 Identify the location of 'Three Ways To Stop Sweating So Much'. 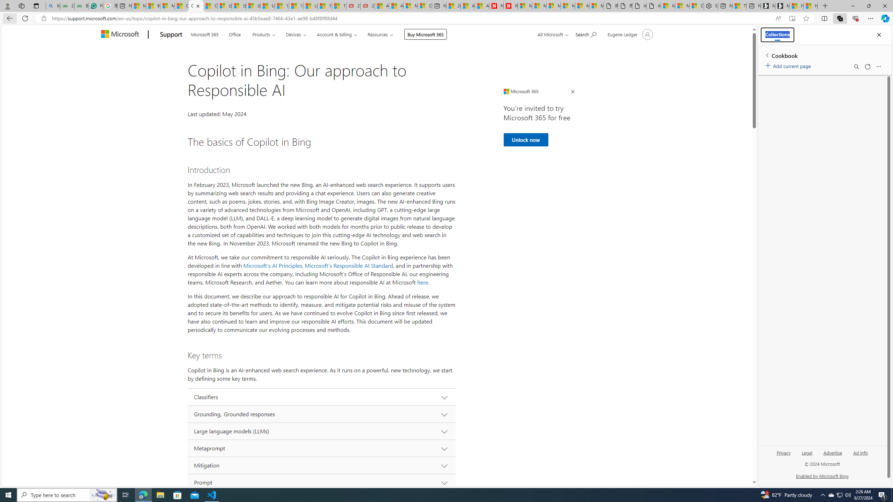
(739, 6).